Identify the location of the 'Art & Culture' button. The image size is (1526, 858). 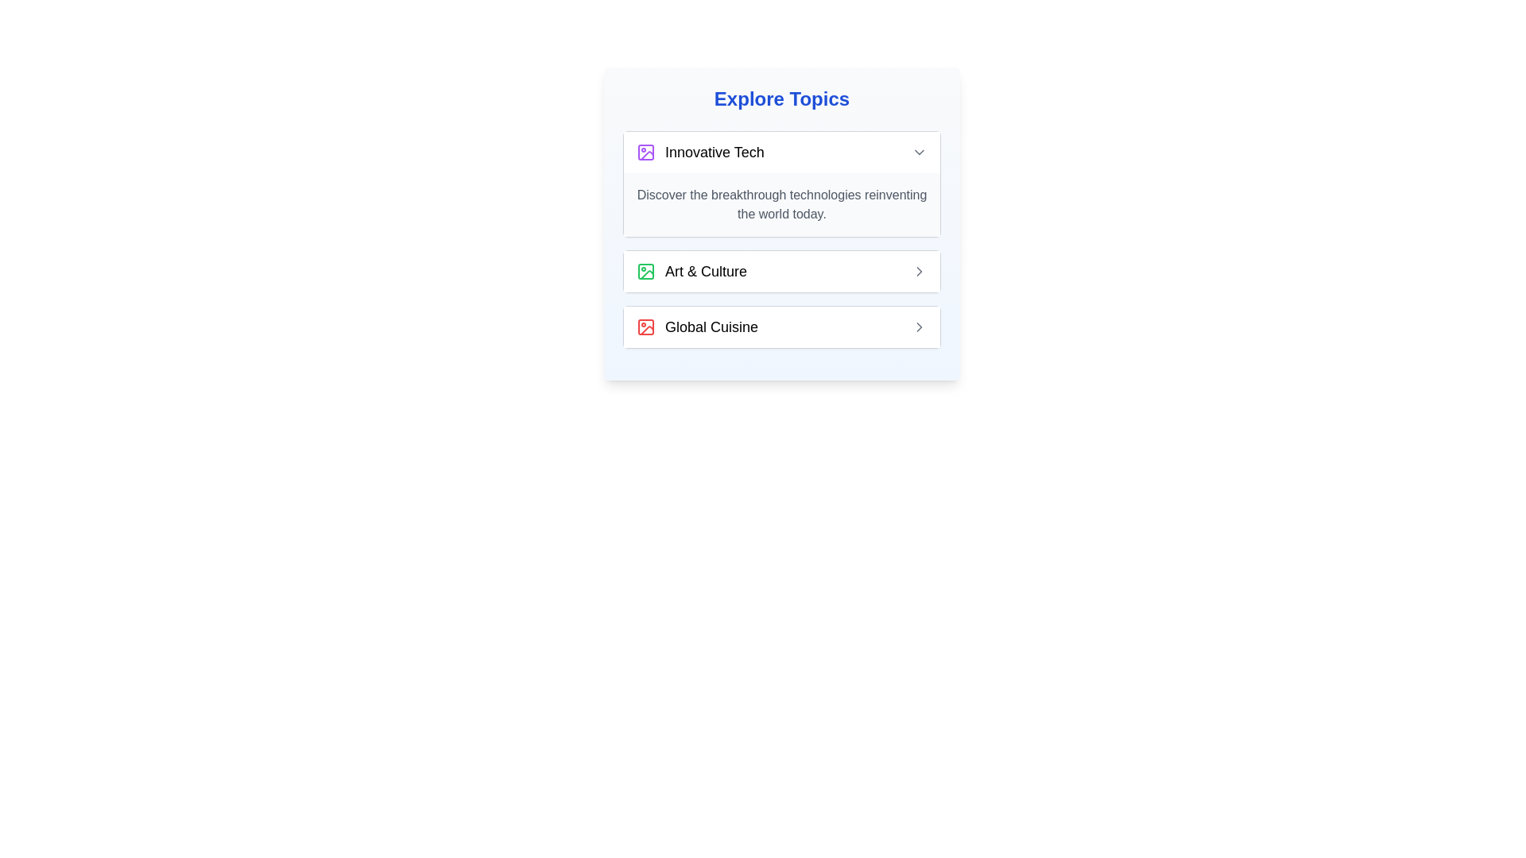
(691, 271).